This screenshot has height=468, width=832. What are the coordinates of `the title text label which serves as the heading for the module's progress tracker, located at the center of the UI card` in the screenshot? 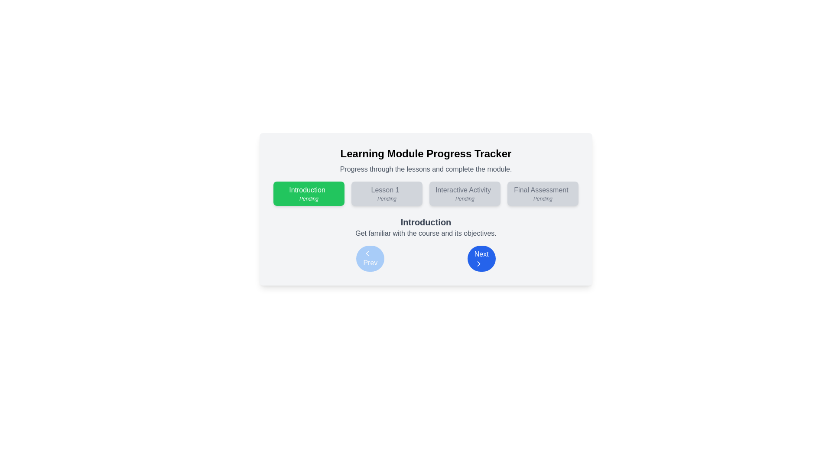 It's located at (426, 153).